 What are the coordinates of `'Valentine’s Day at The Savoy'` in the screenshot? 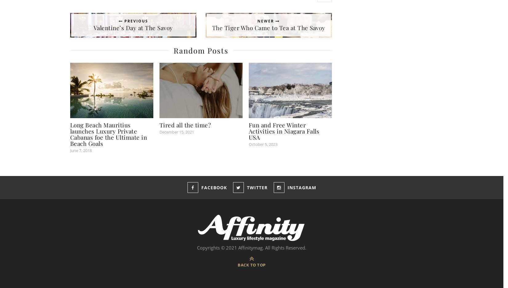 It's located at (132, 27).